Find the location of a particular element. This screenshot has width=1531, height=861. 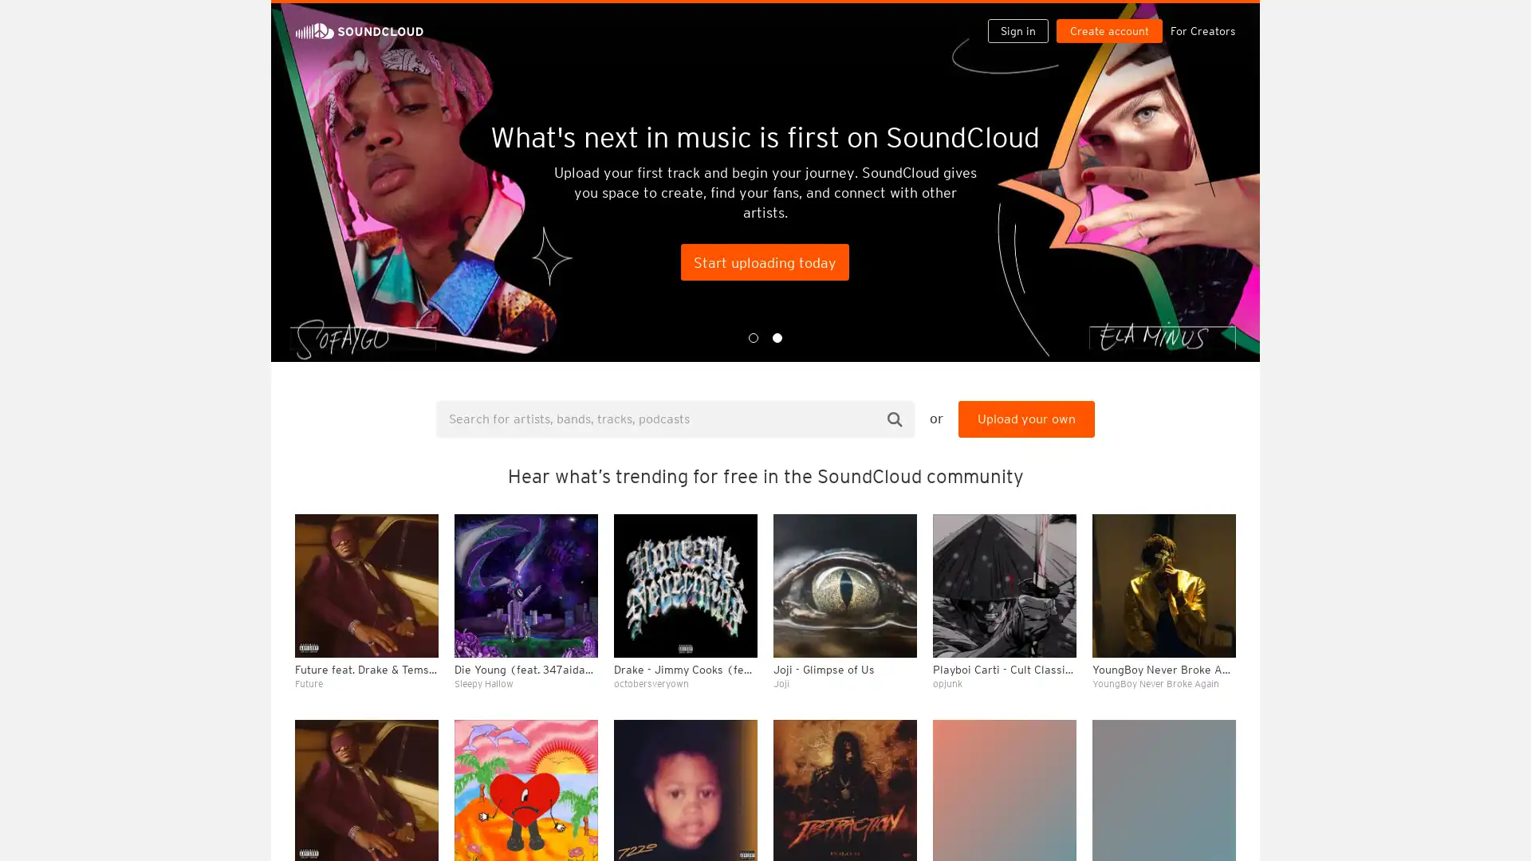

Sign in is located at coordinates (1024, 18).